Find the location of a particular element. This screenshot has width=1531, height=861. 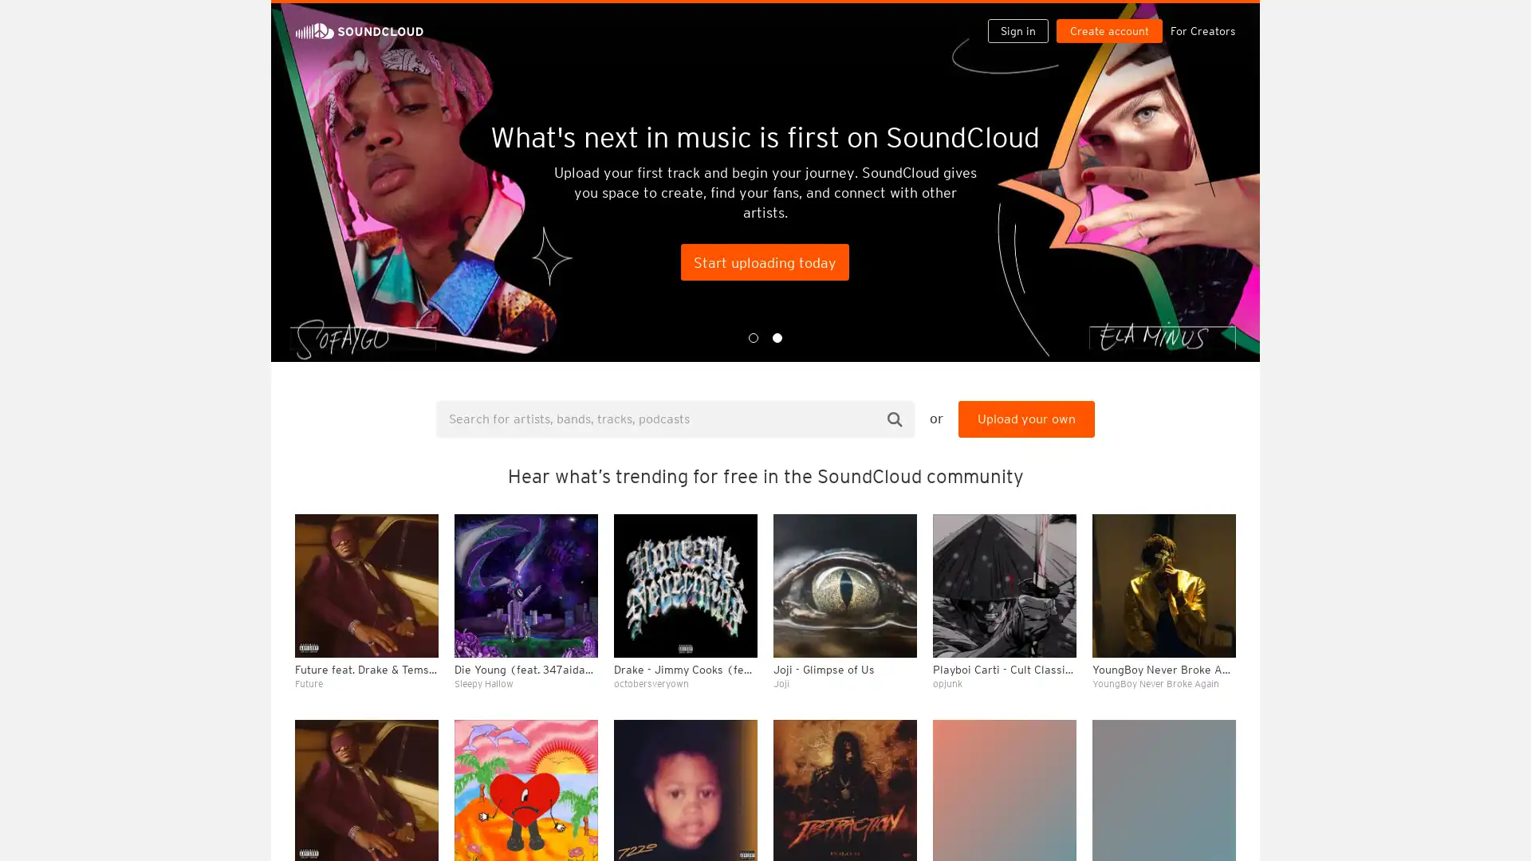

Sign in is located at coordinates (1024, 18).